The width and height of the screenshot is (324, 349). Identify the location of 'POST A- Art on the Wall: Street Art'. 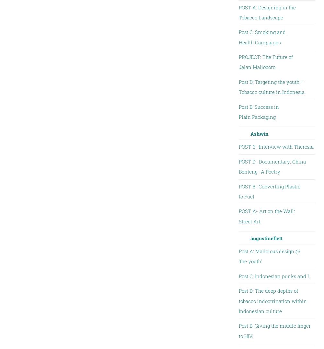
(266, 216).